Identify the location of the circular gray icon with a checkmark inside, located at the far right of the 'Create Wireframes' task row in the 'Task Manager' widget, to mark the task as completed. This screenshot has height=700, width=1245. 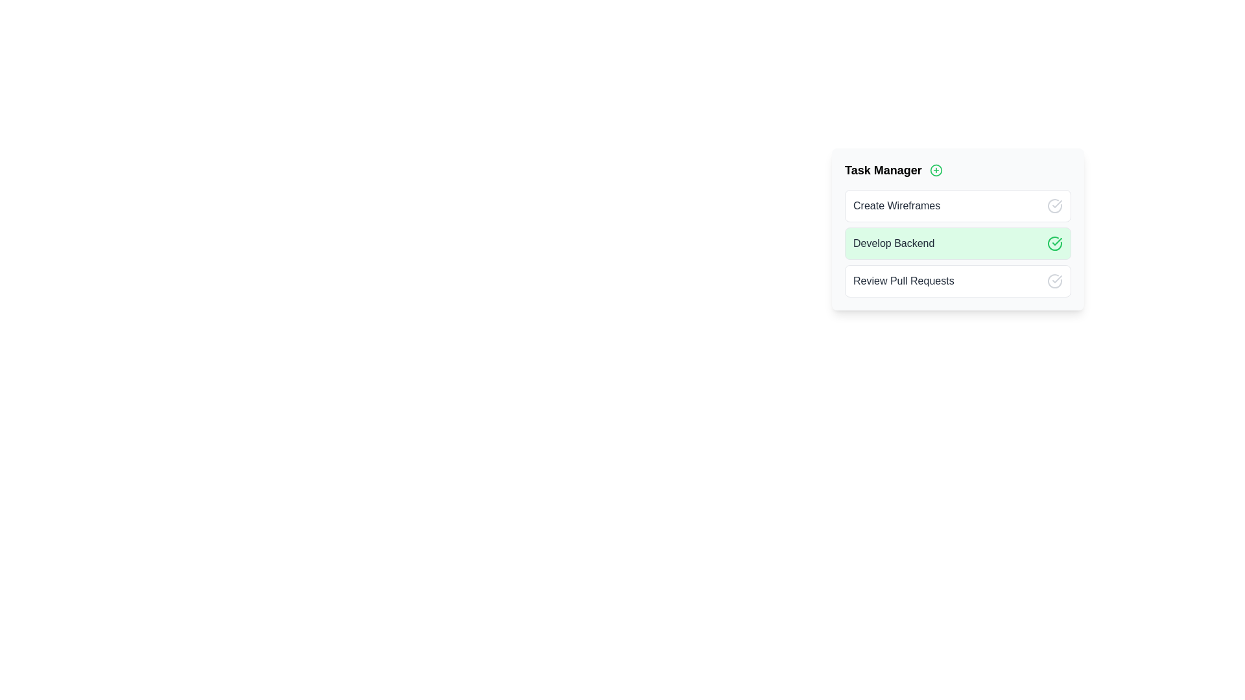
(1055, 205).